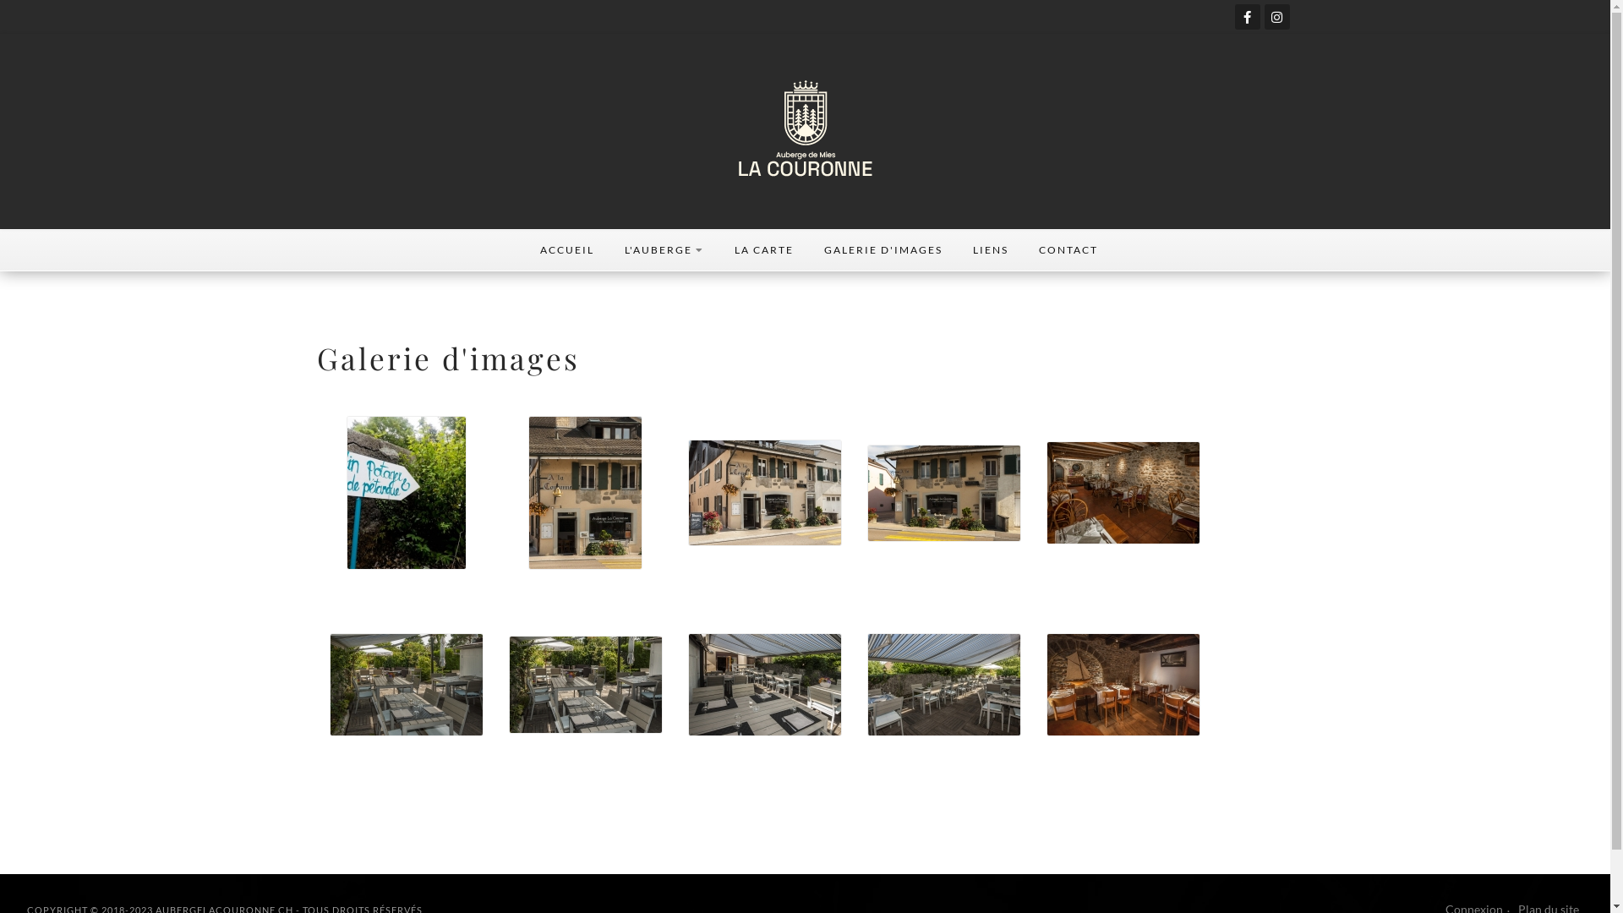  Describe the element at coordinates (1233, 16) in the screenshot. I see `'Facebook'` at that location.